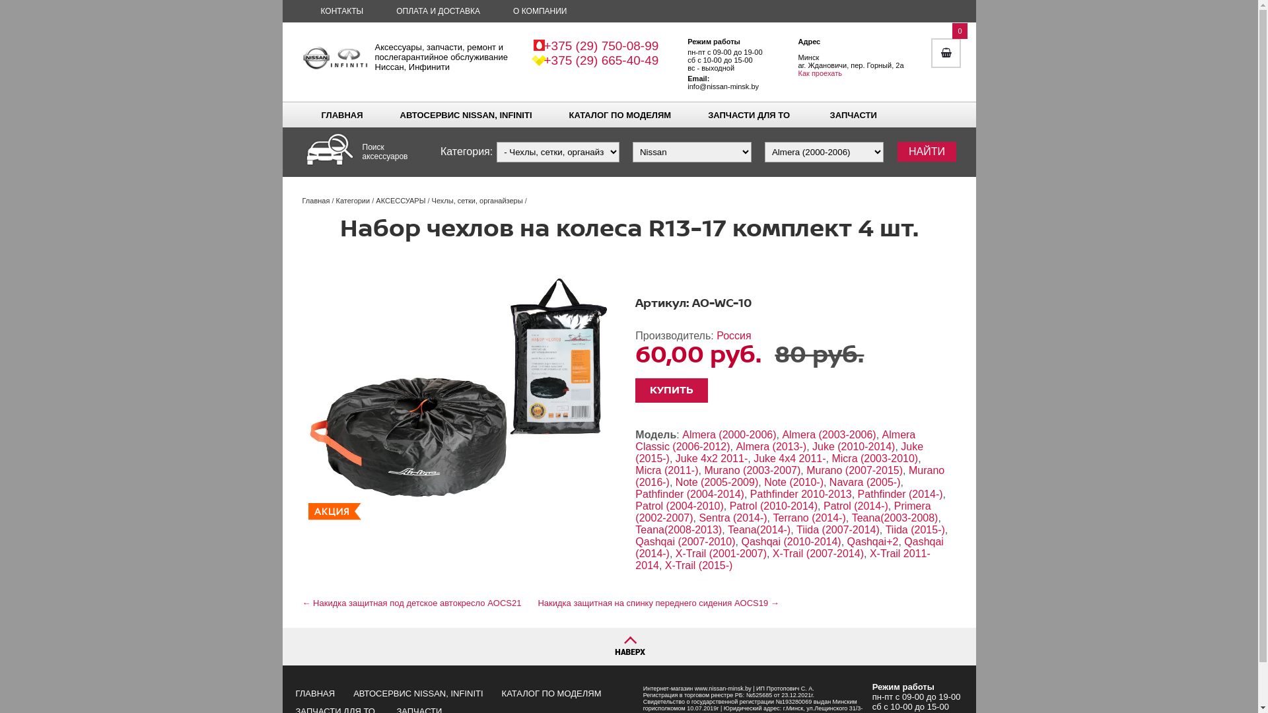 The image size is (1268, 713). Describe the element at coordinates (779, 452) in the screenshot. I see `'Juke (2015-)'` at that location.